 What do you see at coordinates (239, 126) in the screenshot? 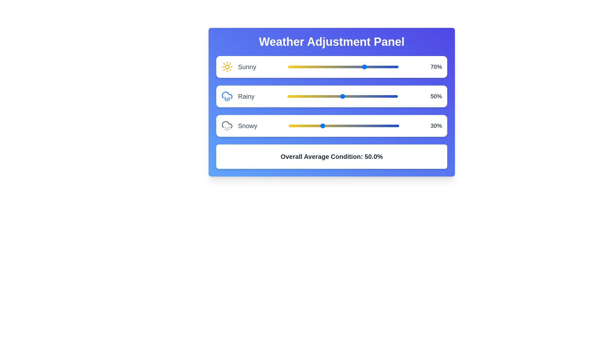
I see `the 'snowy' weather condition element, which includes a grayish icon of a snow cloud and the emphasized text 'snowy', located in the weather adjustment panel on the third row` at bounding box center [239, 126].